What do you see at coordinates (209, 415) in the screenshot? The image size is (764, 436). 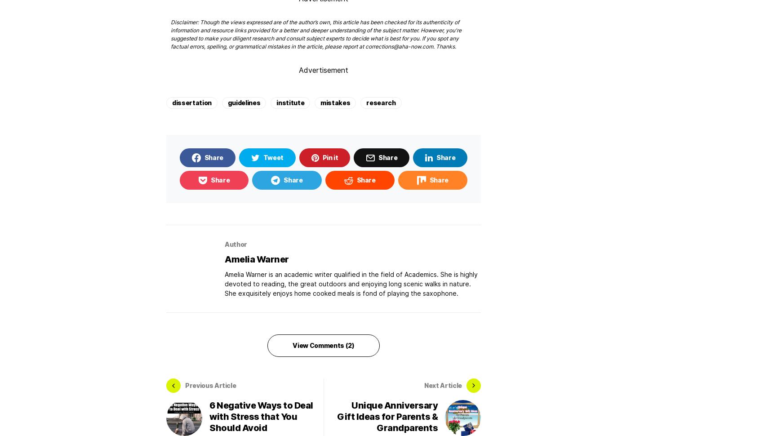 I see `'6 Negative Ways to Deal with Stress that You Should Avoid'` at bounding box center [209, 415].